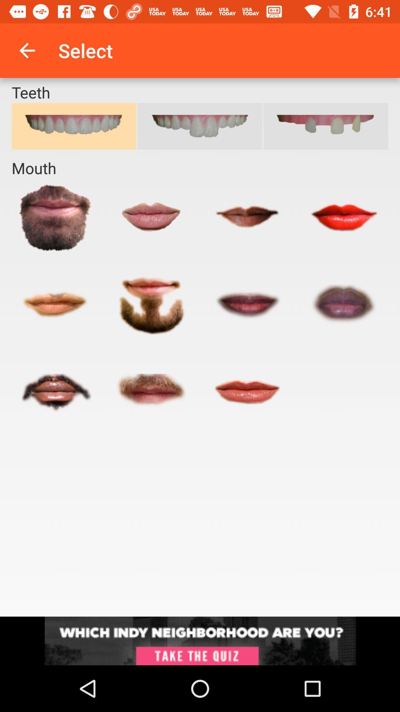 The width and height of the screenshot is (400, 712). What do you see at coordinates (199, 126) in the screenshot?
I see `the cart icon` at bounding box center [199, 126].